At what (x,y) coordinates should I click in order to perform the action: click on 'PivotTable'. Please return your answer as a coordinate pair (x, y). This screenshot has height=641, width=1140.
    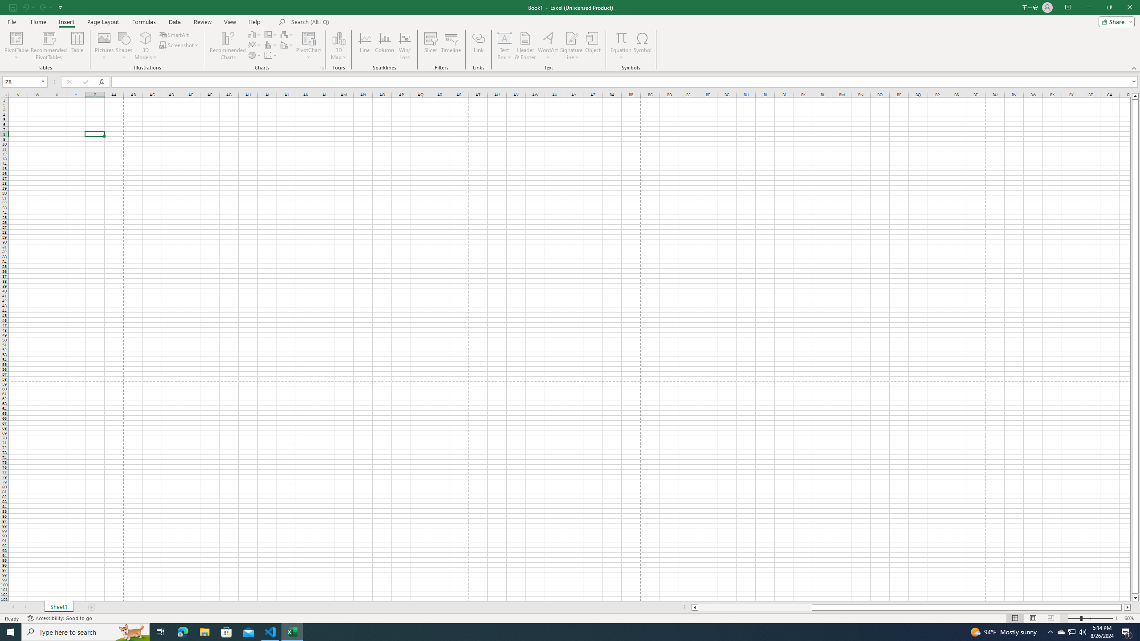
    Looking at the image, I should click on (16, 46).